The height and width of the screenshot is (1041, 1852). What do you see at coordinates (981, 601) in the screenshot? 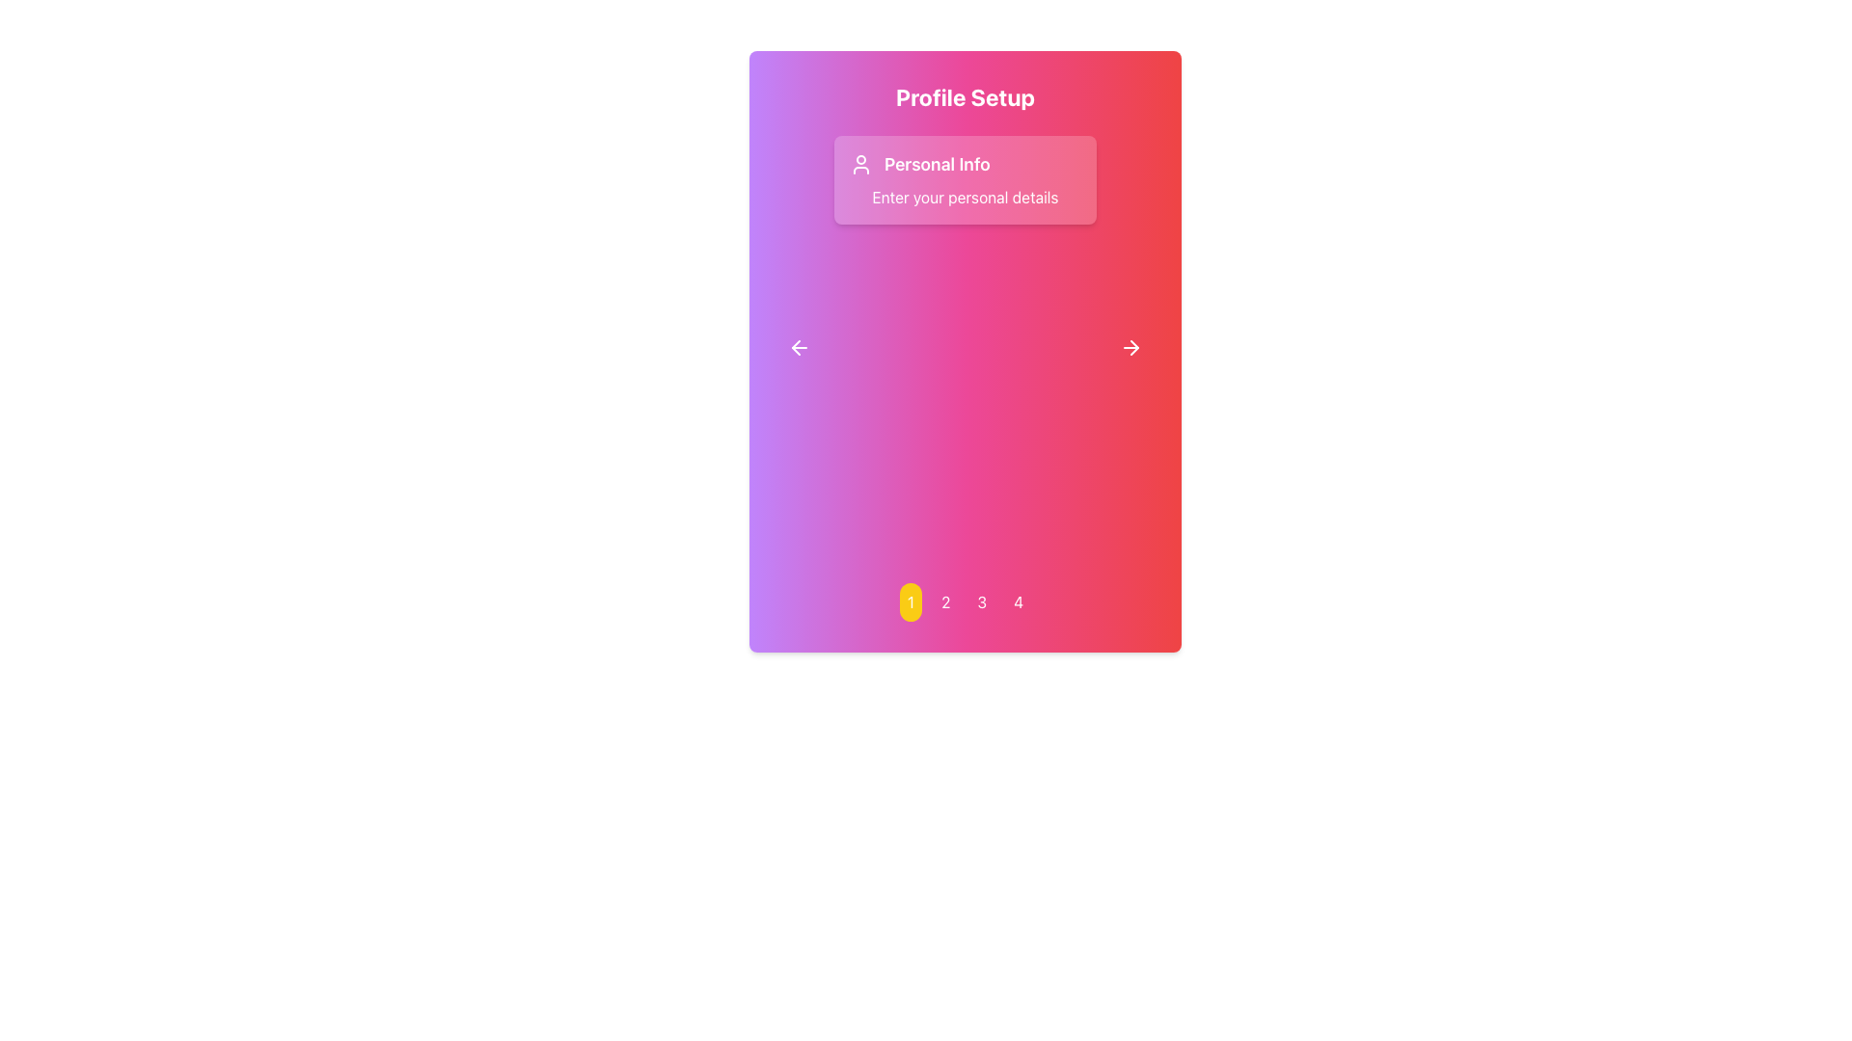
I see `the third circular button from the left in a row of four buttons` at bounding box center [981, 601].